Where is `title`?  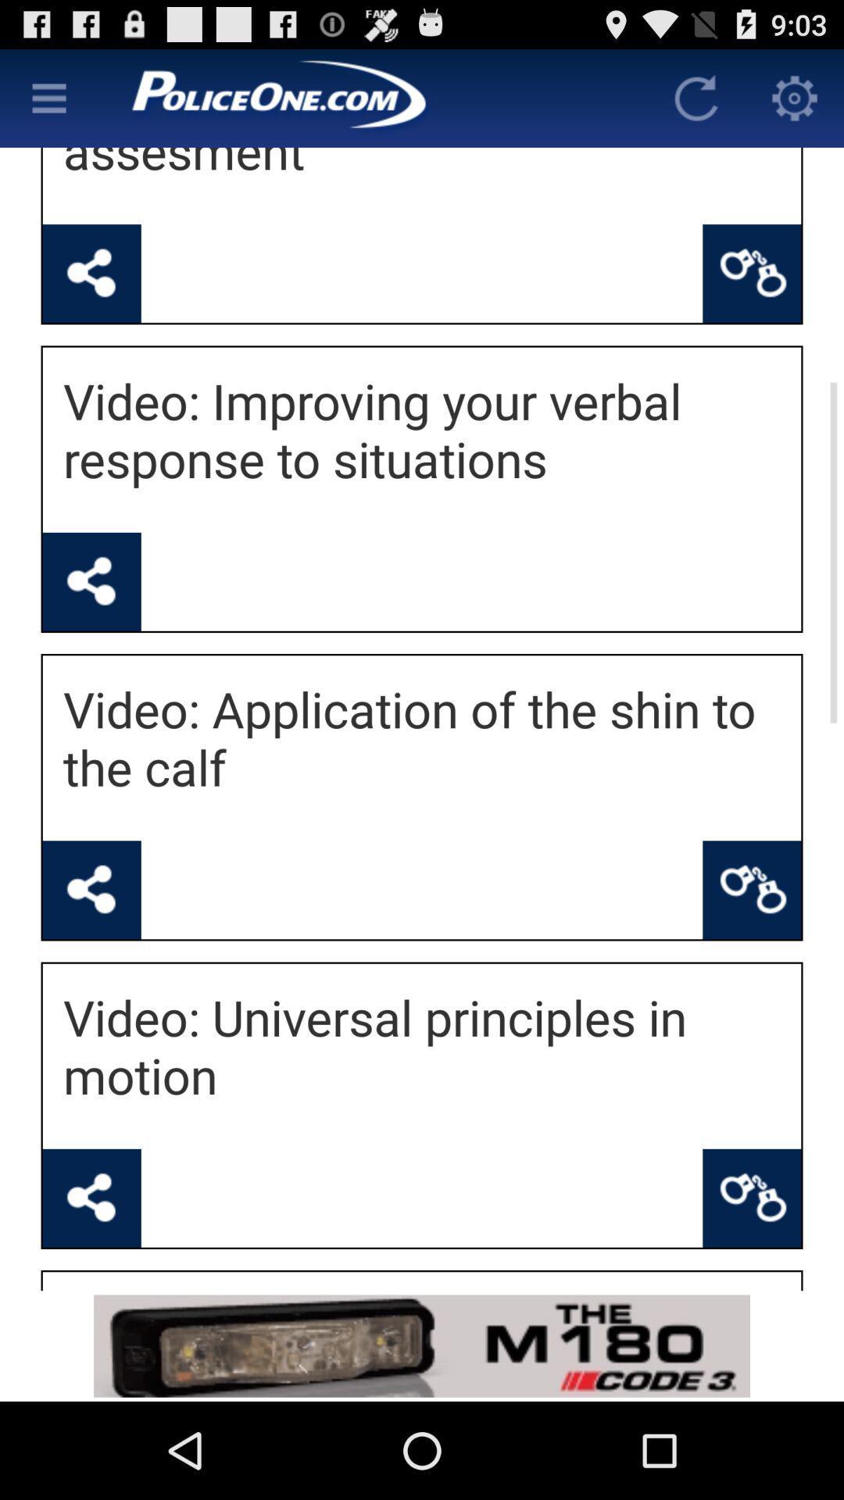
title is located at coordinates (373, 97).